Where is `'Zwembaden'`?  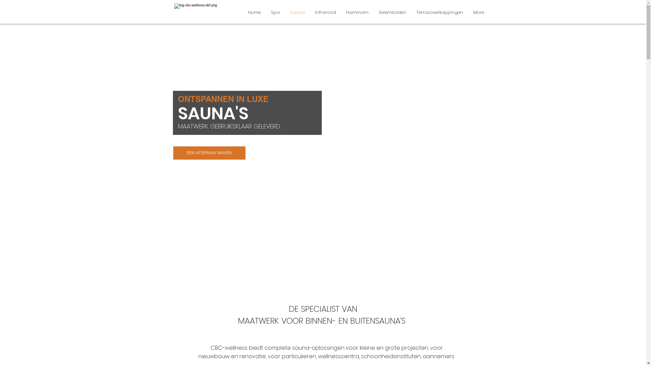
'Zwembaden' is located at coordinates (373, 12).